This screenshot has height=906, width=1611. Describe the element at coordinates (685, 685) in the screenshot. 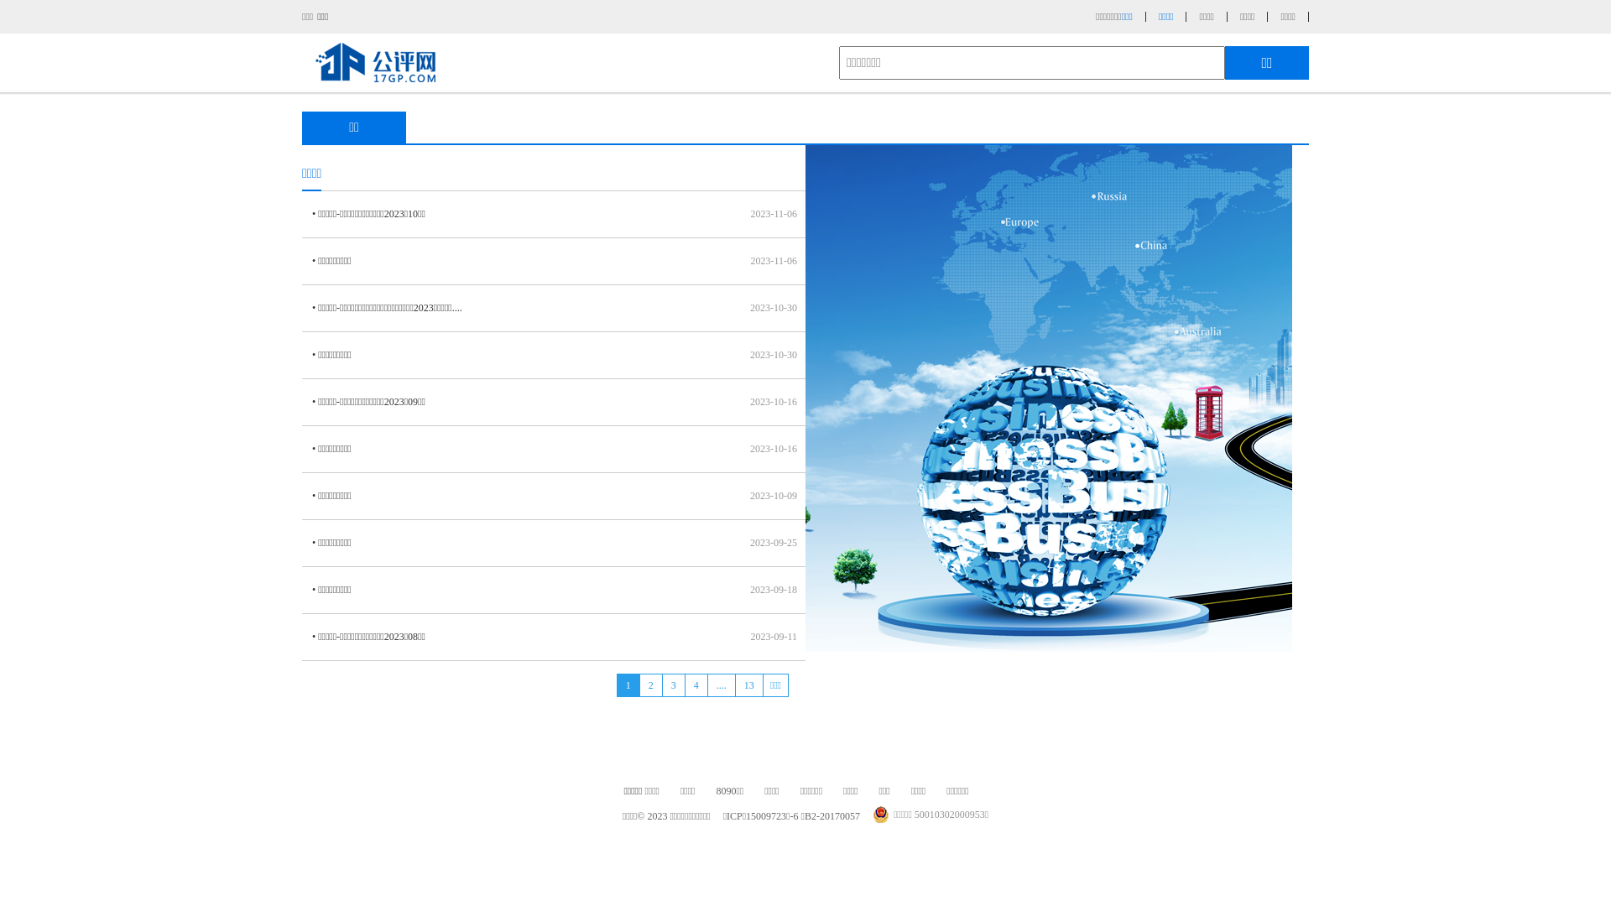

I see `'4'` at that location.